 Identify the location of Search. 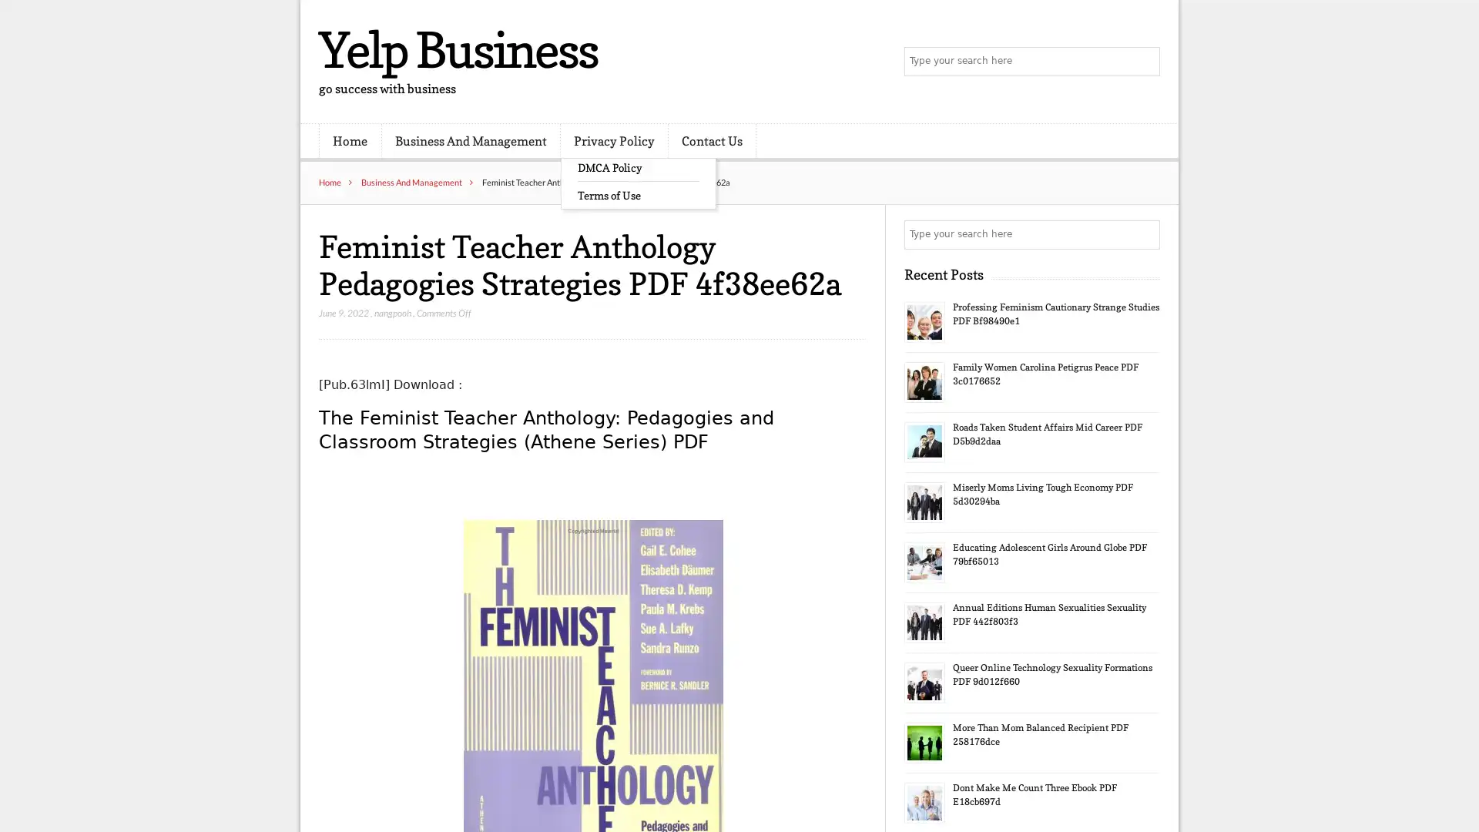
(1144, 62).